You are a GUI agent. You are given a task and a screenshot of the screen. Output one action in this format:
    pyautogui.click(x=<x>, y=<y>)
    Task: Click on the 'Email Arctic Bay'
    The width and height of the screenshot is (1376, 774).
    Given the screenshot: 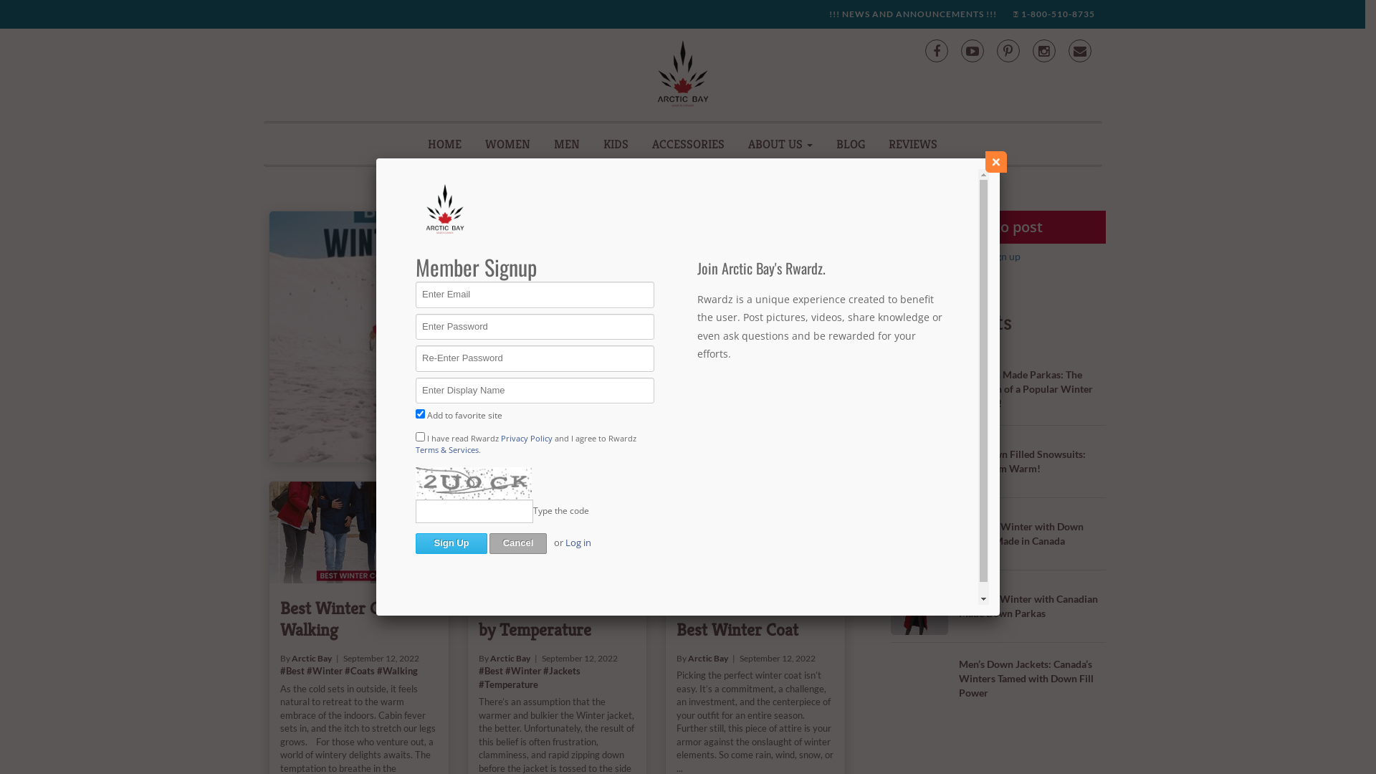 What is the action you would take?
    pyautogui.click(x=1079, y=49)
    